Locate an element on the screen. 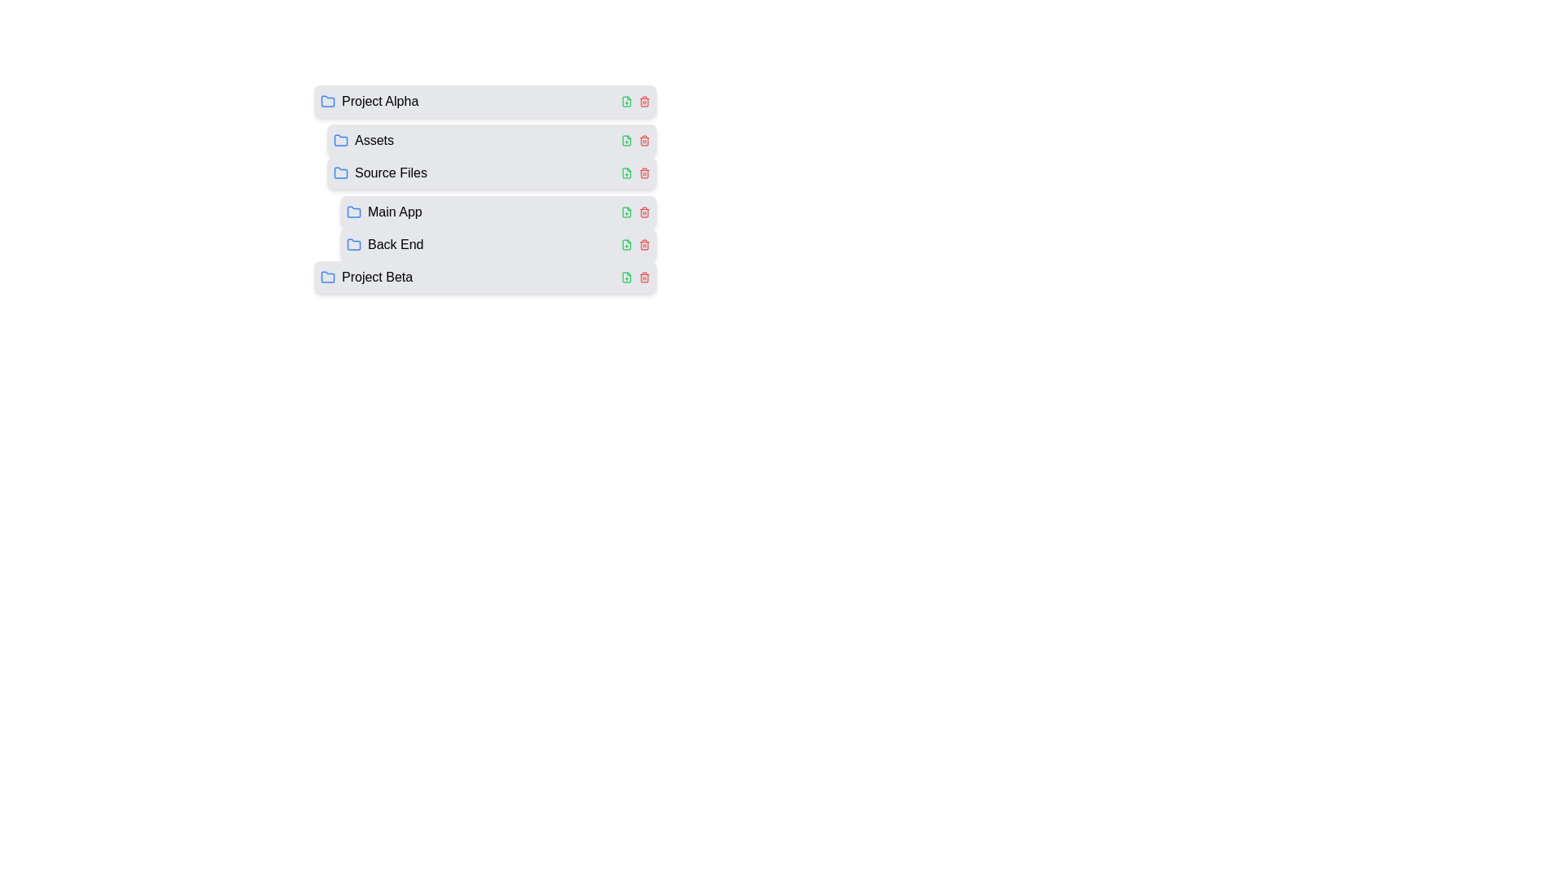 The image size is (1563, 879). the first icon on the left in the horizontal row of icons for 'Project Beta', which resembles a green document with a plus symbol is located at coordinates (625, 276).